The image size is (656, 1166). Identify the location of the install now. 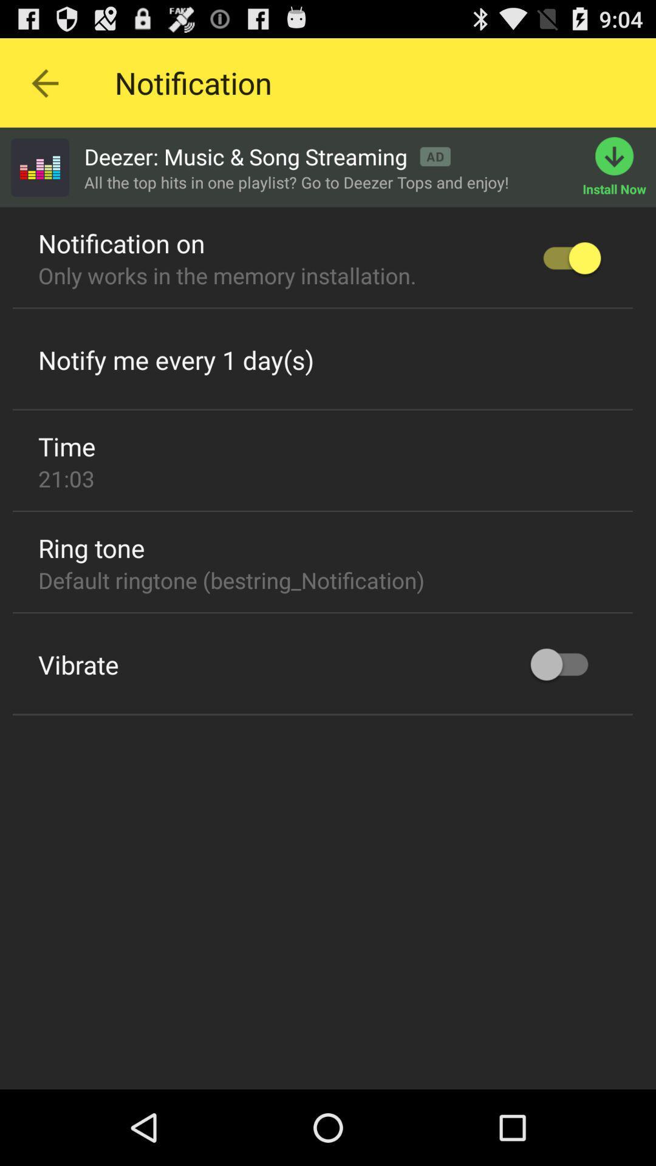
(619, 166).